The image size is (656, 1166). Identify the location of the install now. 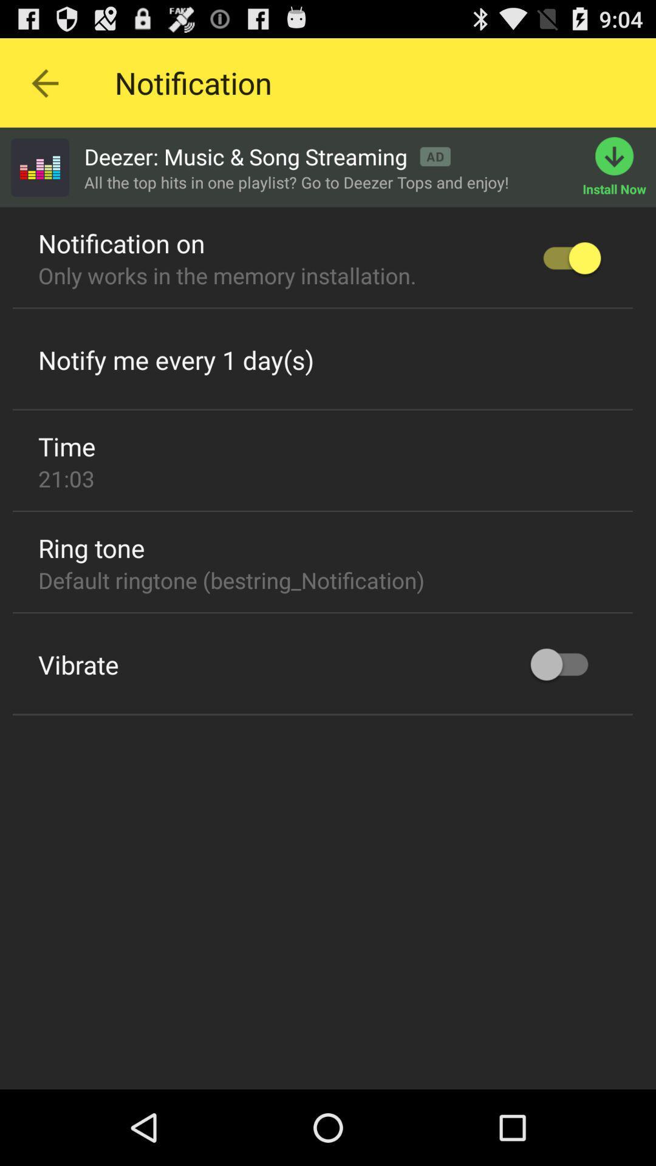
(619, 166).